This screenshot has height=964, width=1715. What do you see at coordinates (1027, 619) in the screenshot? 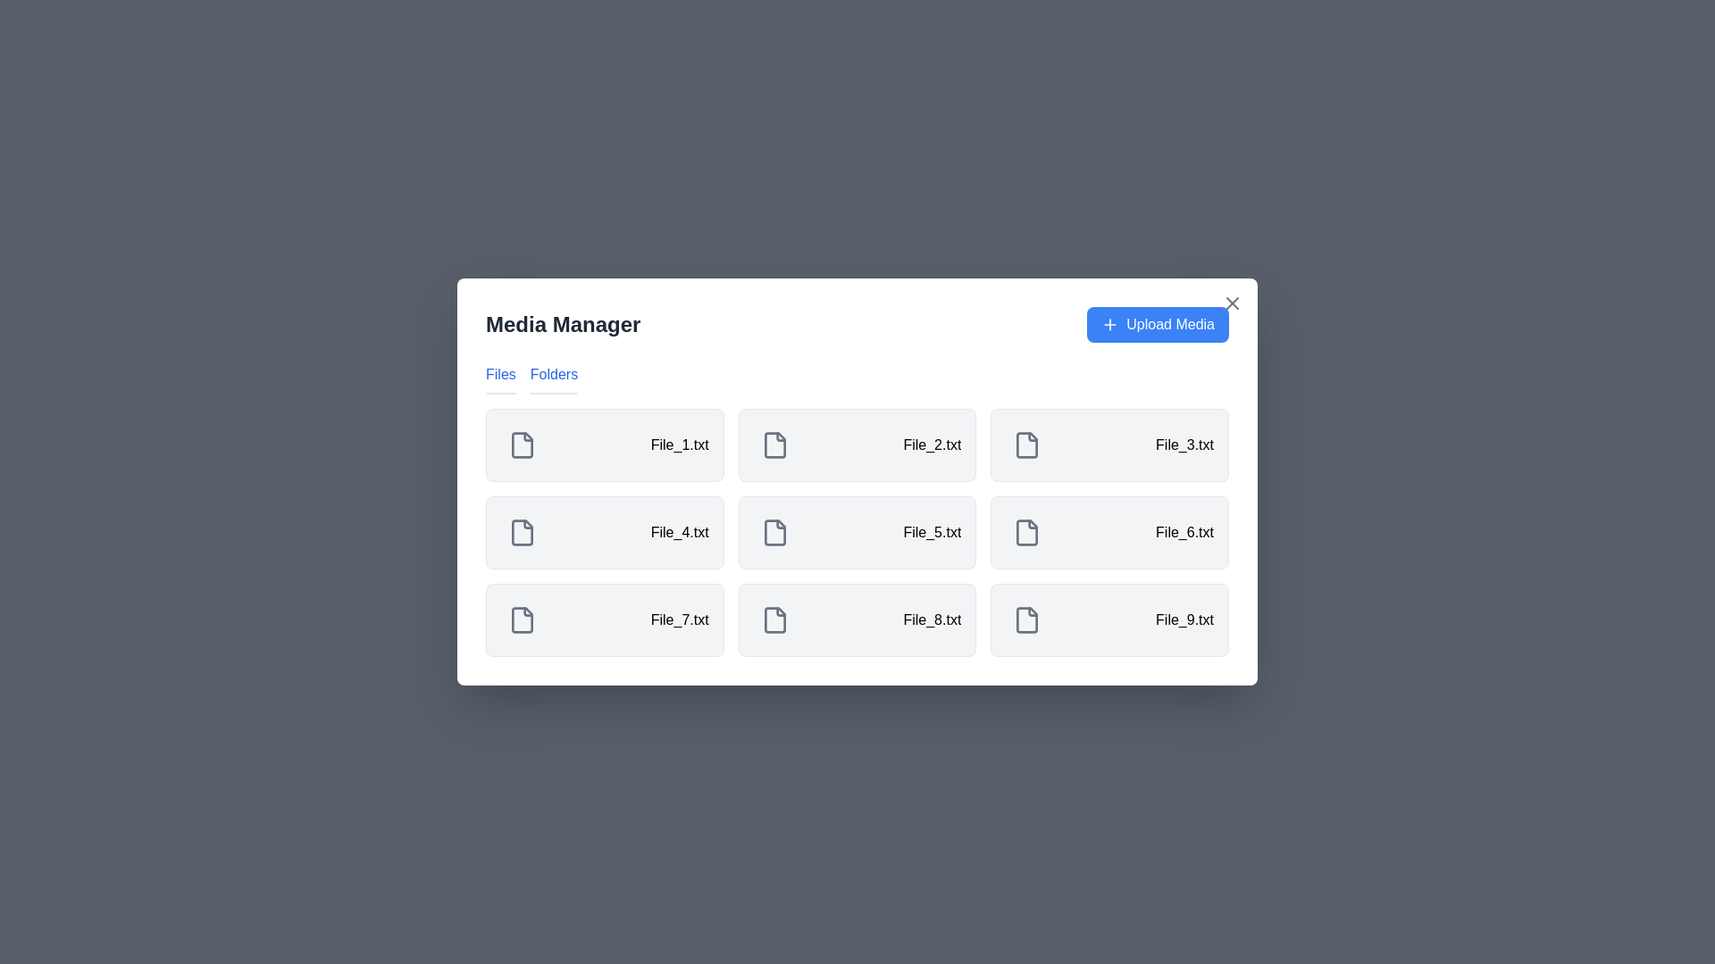
I see `the document icon in the Media Manager interface, which is the last tile in the third row of the grid layout, featuring a rectangular shape with a folded corner and a gray color scheme` at bounding box center [1027, 619].